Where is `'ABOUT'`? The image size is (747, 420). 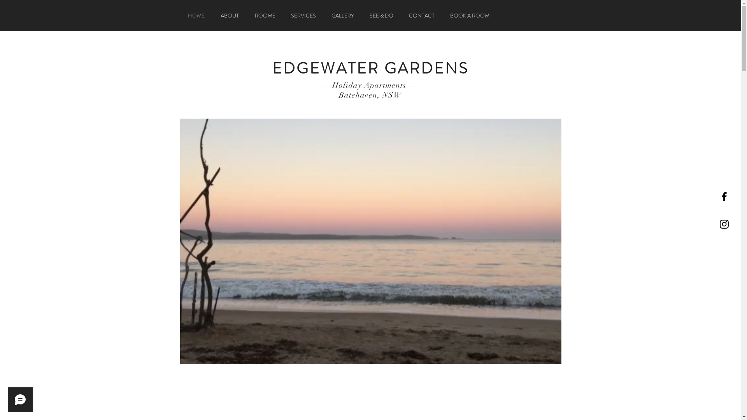
'ABOUT' is located at coordinates (229, 15).